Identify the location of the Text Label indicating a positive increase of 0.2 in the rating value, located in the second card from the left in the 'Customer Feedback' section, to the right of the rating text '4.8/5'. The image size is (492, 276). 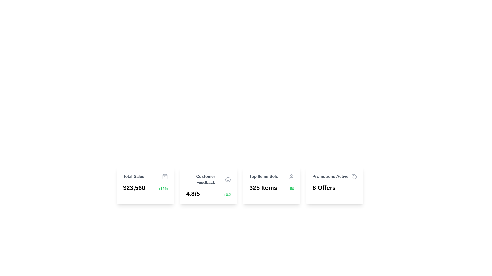
(227, 195).